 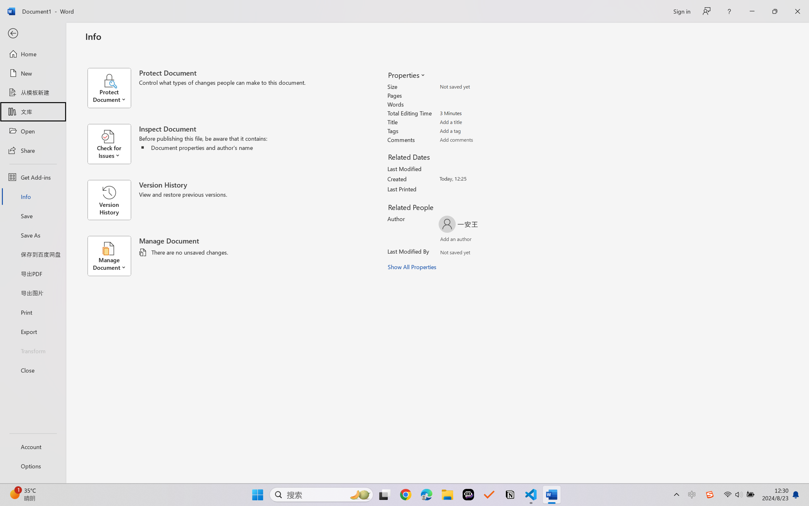 What do you see at coordinates (32, 466) in the screenshot?
I see `'Options'` at bounding box center [32, 466].